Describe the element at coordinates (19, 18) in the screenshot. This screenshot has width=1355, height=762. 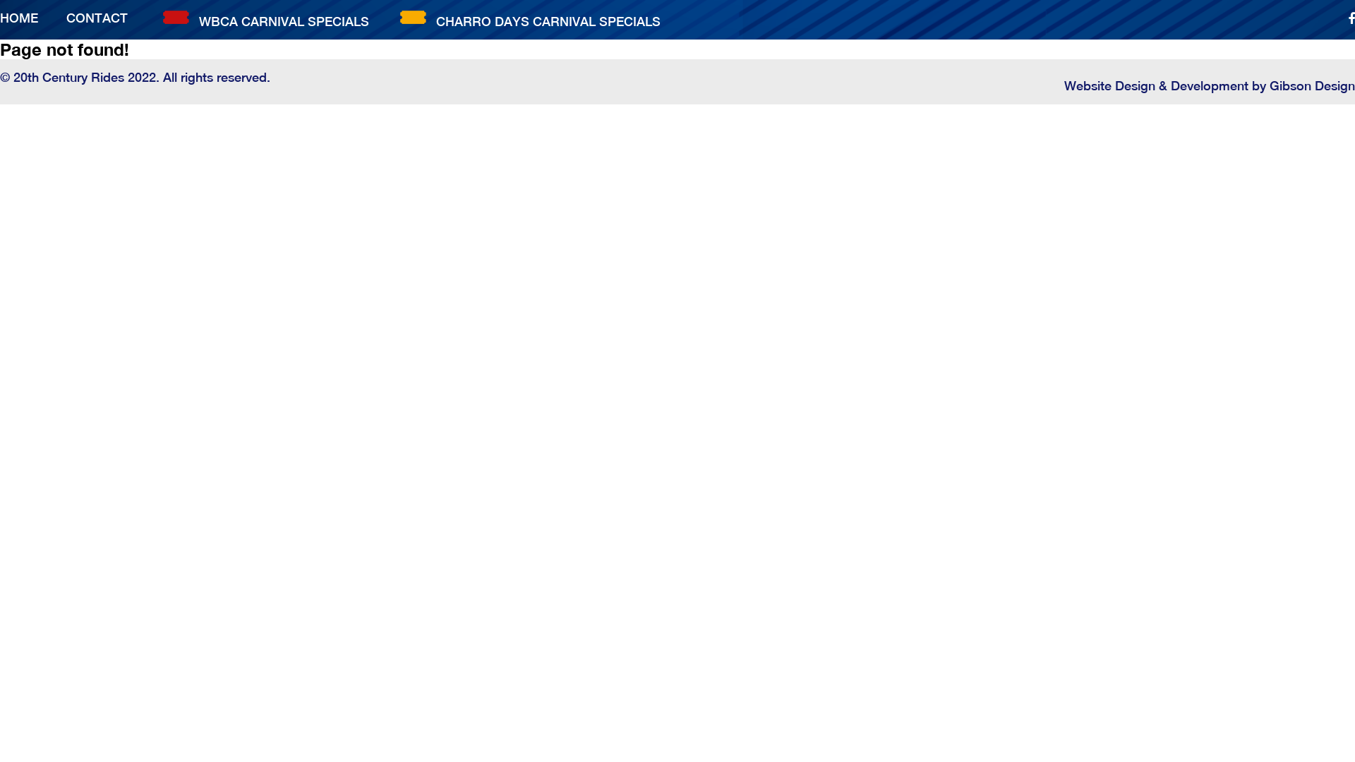
I see `'HOME'` at that location.